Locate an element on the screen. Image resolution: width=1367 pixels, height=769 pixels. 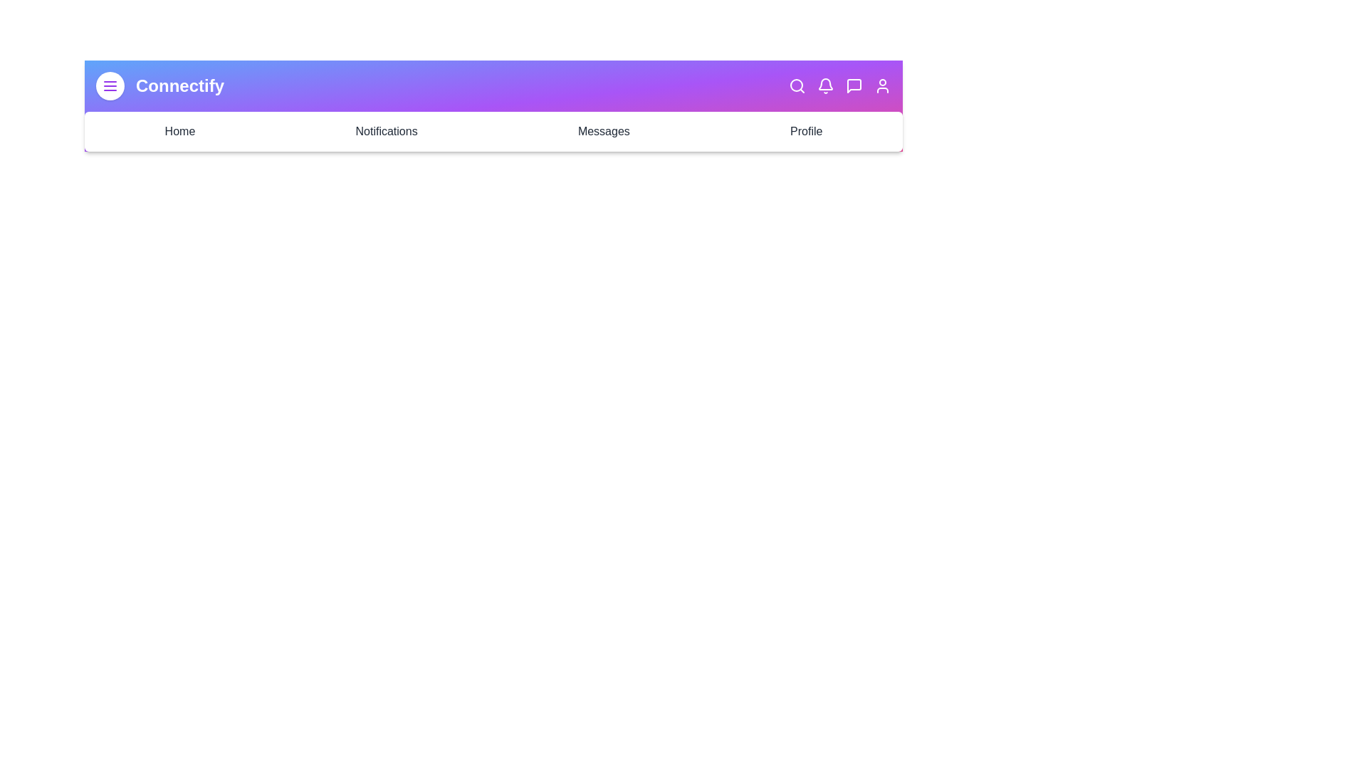
the menu button to toggle the menu visibility is located at coordinates (109, 85).